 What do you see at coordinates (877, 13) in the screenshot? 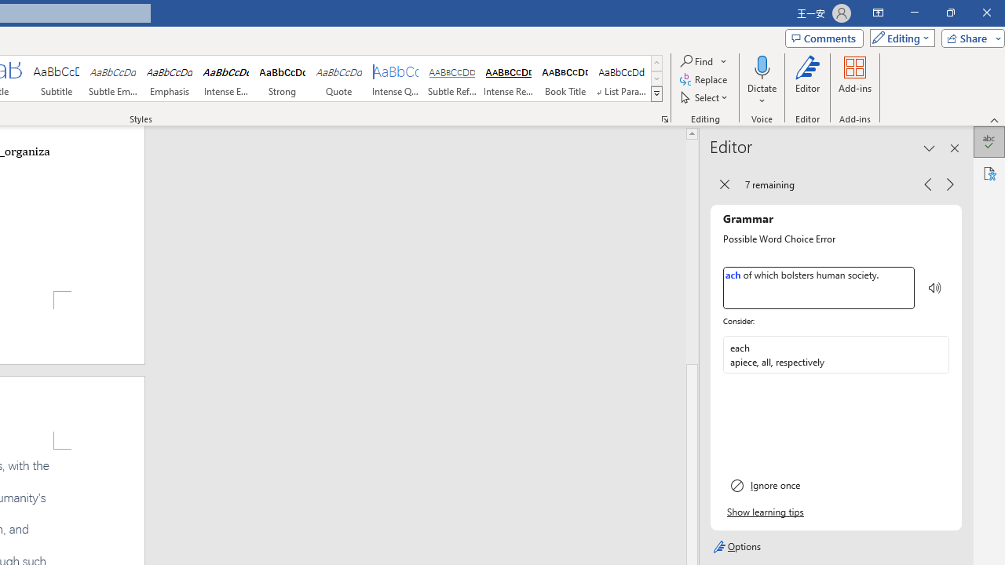
I see `'Ribbon Display Options'` at bounding box center [877, 13].